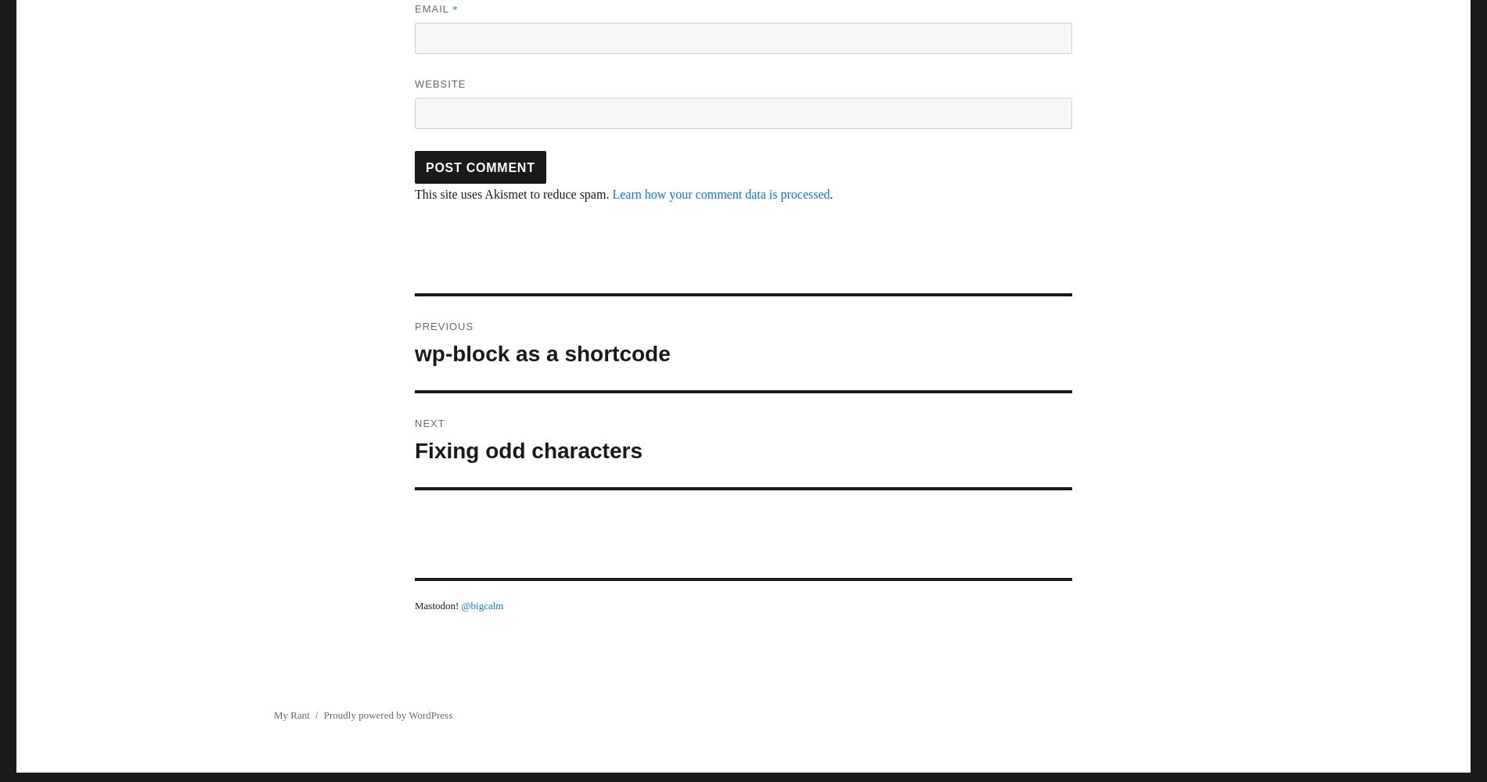  What do you see at coordinates (455, 9) in the screenshot?
I see `'*'` at bounding box center [455, 9].